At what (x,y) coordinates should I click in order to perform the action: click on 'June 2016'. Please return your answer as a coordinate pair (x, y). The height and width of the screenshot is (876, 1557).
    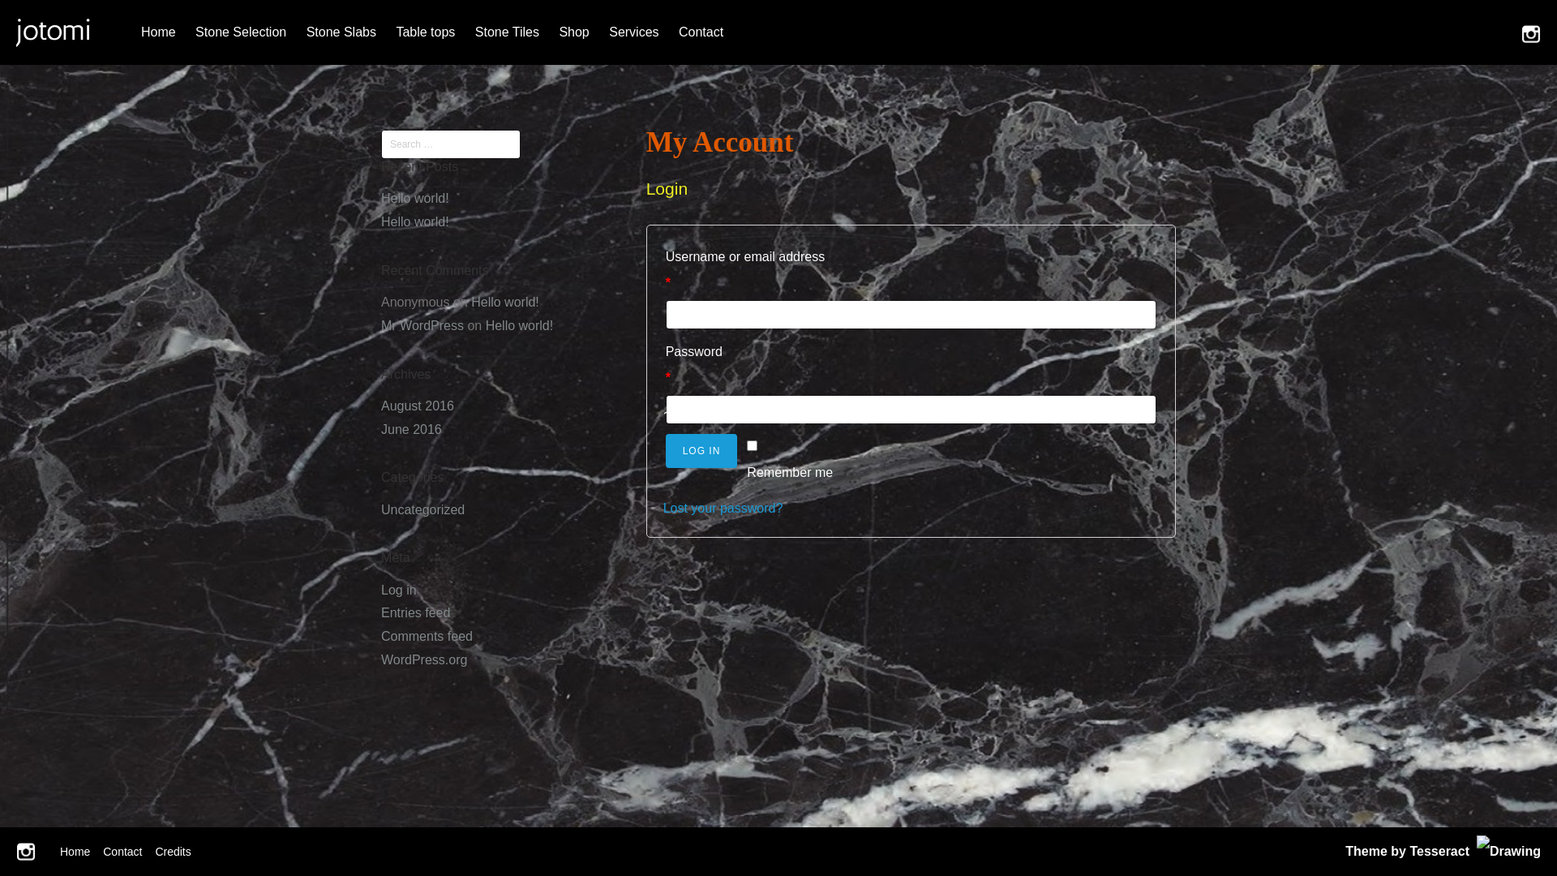
    Looking at the image, I should click on (380, 428).